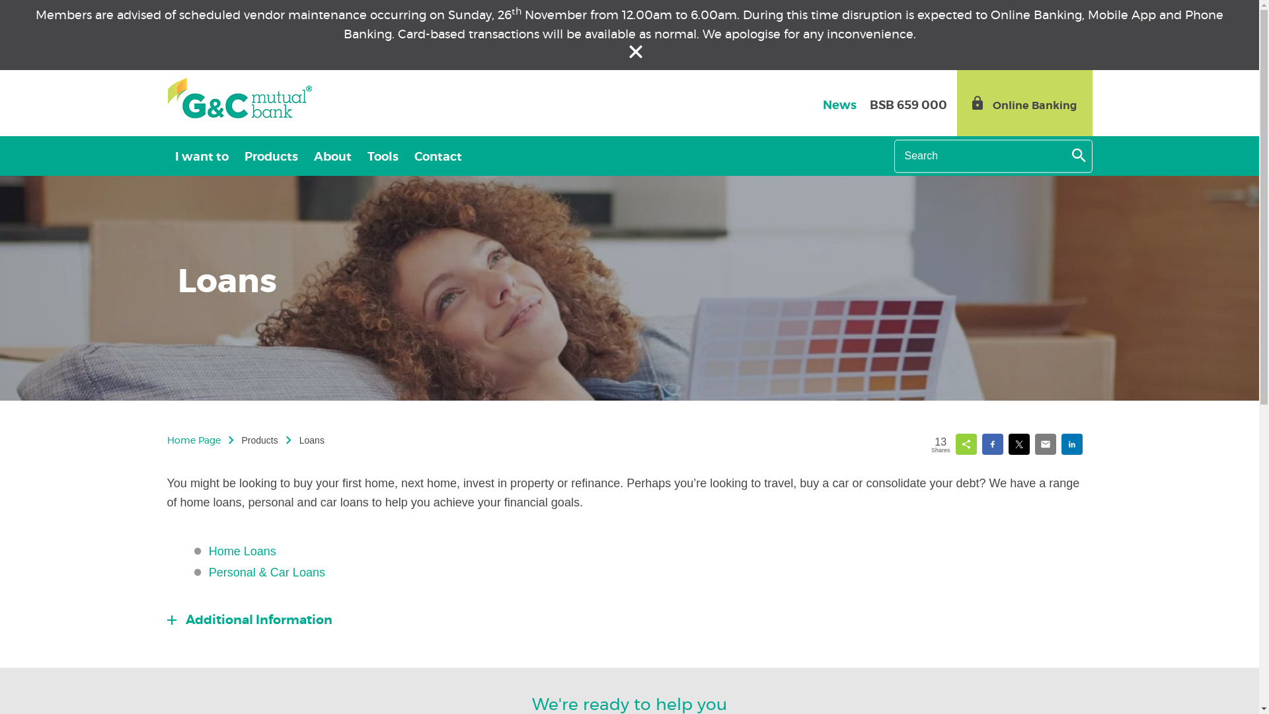 This screenshot has height=714, width=1269. What do you see at coordinates (1024, 102) in the screenshot?
I see `'Online Banking'` at bounding box center [1024, 102].